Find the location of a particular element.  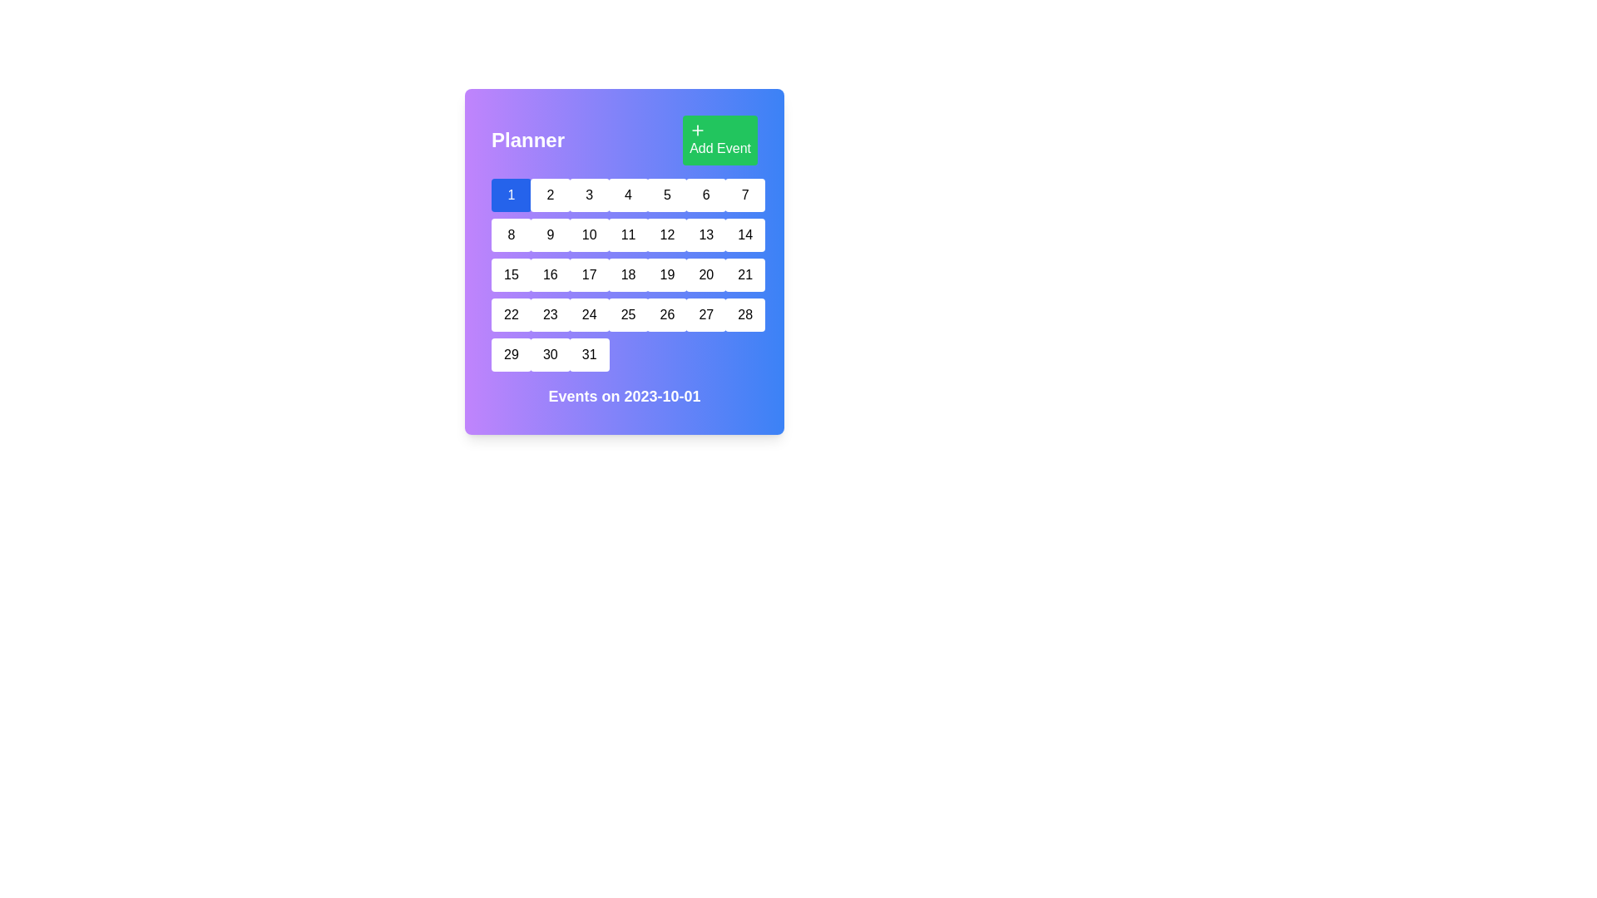

the button labeled '16' located in the third row and second column of the calendar-style widget is located at coordinates (550, 274).